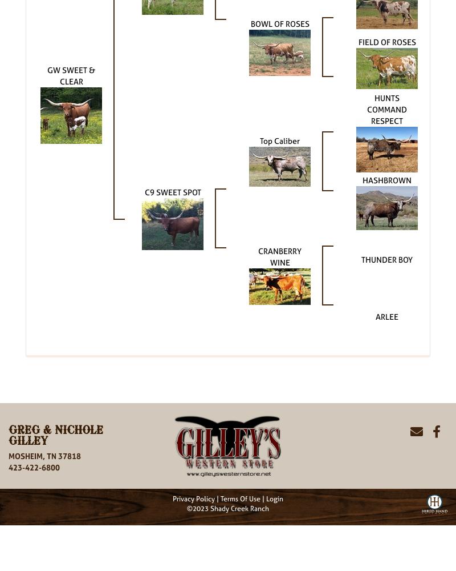 The image size is (456, 571). What do you see at coordinates (361, 258) in the screenshot?
I see `'THUNDER BOY'` at bounding box center [361, 258].